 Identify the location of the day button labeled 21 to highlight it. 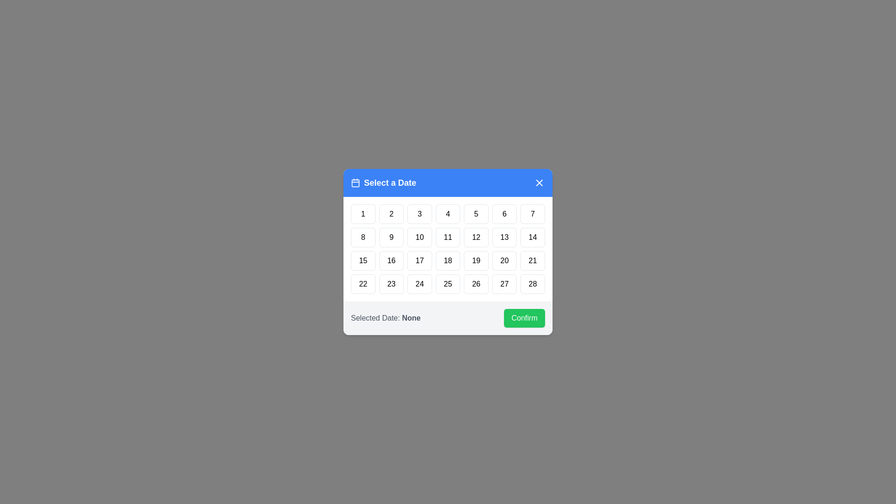
(533, 261).